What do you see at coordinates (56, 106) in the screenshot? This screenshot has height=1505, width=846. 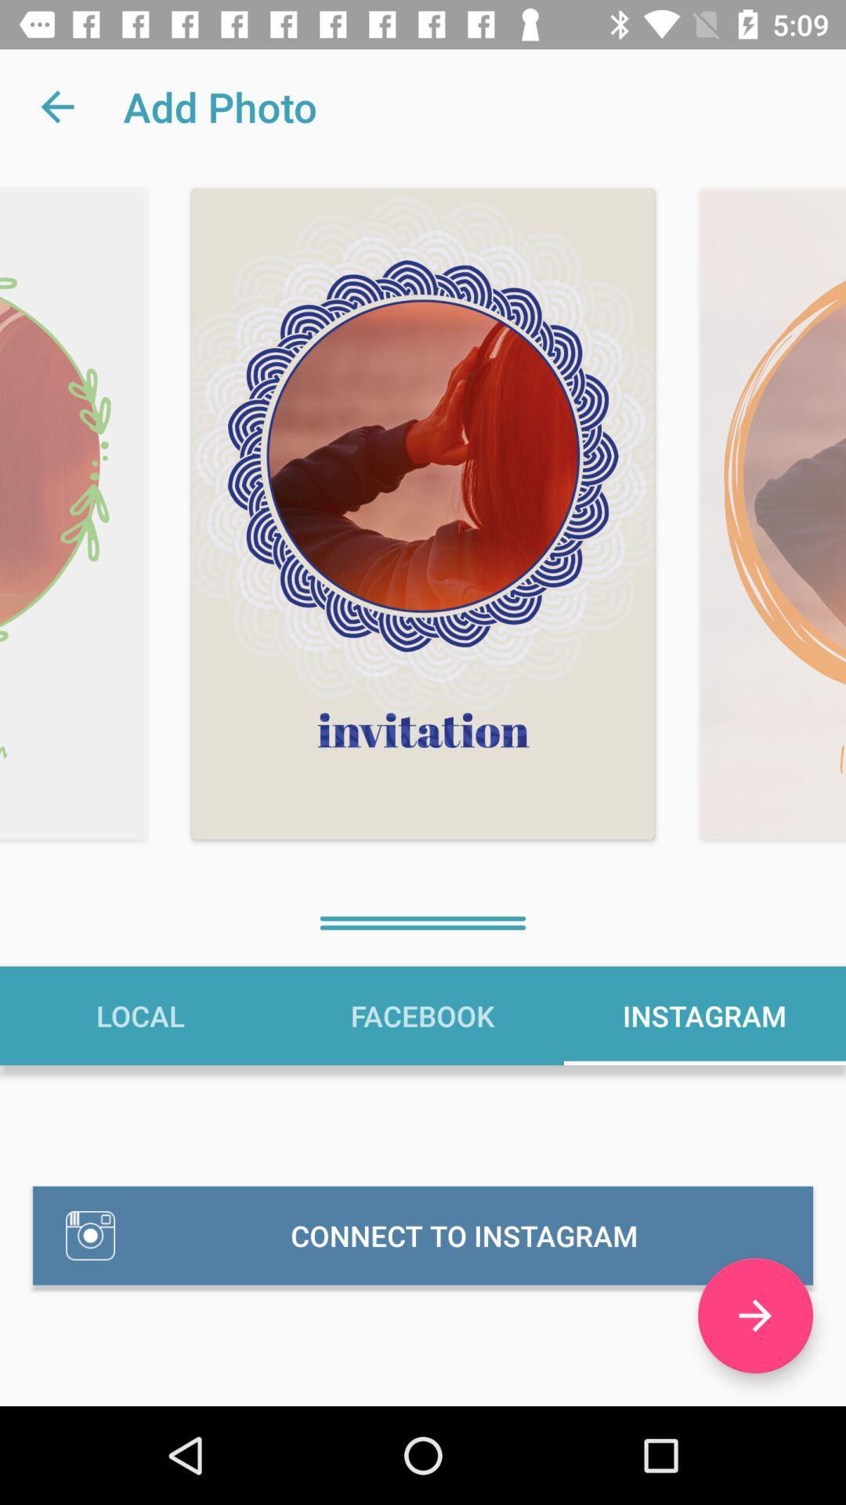 I see `the icon to the left of add photo icon` at bounding box center [56, 106].